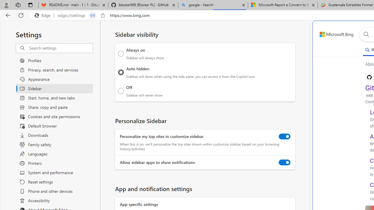 The height and width of the screenshot is (210, 374). Describe the element at coordinates (285, 162) in the screenshot. I see `'Allow sidebar apps to show notifications'` at that location.